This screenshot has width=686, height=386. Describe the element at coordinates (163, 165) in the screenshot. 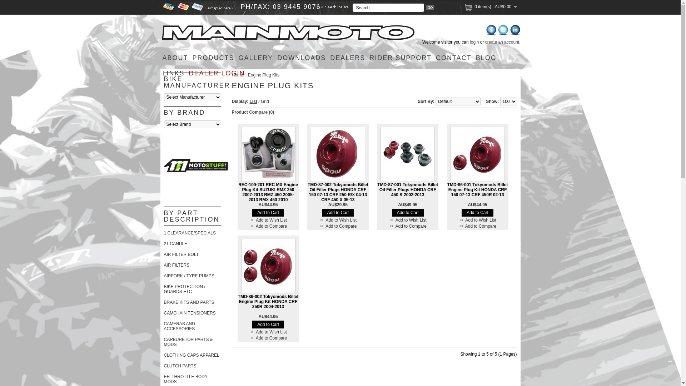

I see `'MOTOSTUFF'` at that location.